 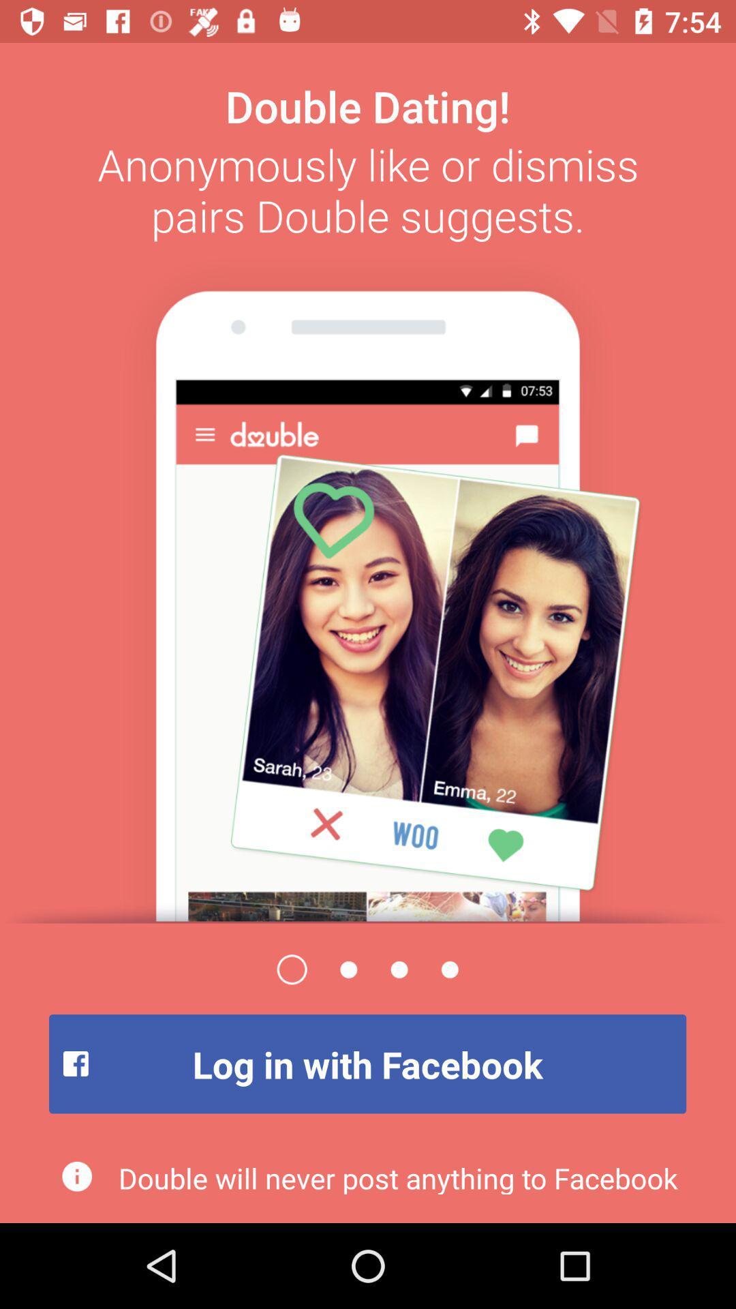 What do you see at coordinates (368, 586) in the screenshot?
I see `open the page` at bounding box center [368, 586].